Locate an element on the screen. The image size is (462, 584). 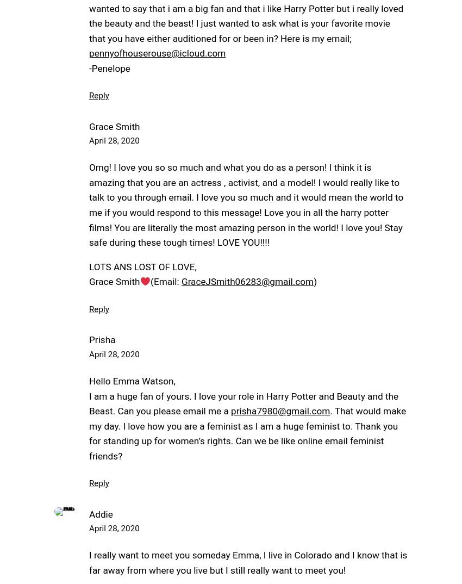
'Omg! I love you so so much and what you do as a person! I think it is amazing that you are an actress , activist, and a model! I would really like to talk to you through email. I love you so much and it would mean the world to me if you would respond to this message! Love you in all the harry potter films! You are literally the most amazing person in the world! I love you! Stay safe during these tough times! LOVE YOU!!!!' is located at coordinates (245, 204).